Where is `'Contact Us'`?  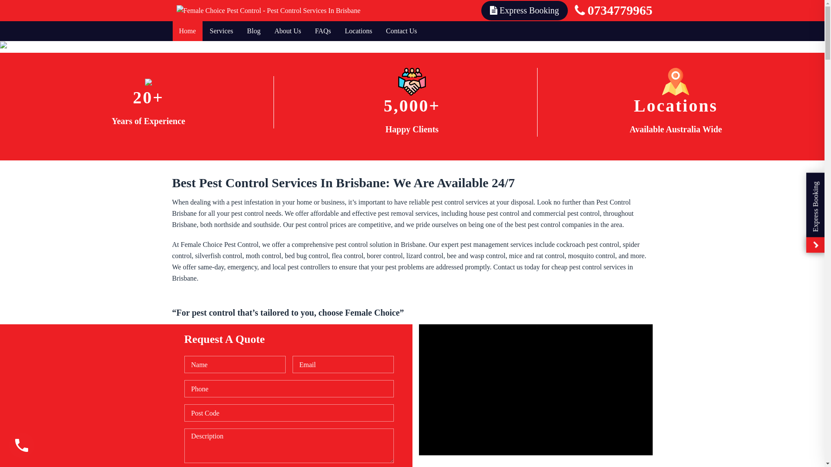 'Contact Us' is located at coordinates (401, 31).